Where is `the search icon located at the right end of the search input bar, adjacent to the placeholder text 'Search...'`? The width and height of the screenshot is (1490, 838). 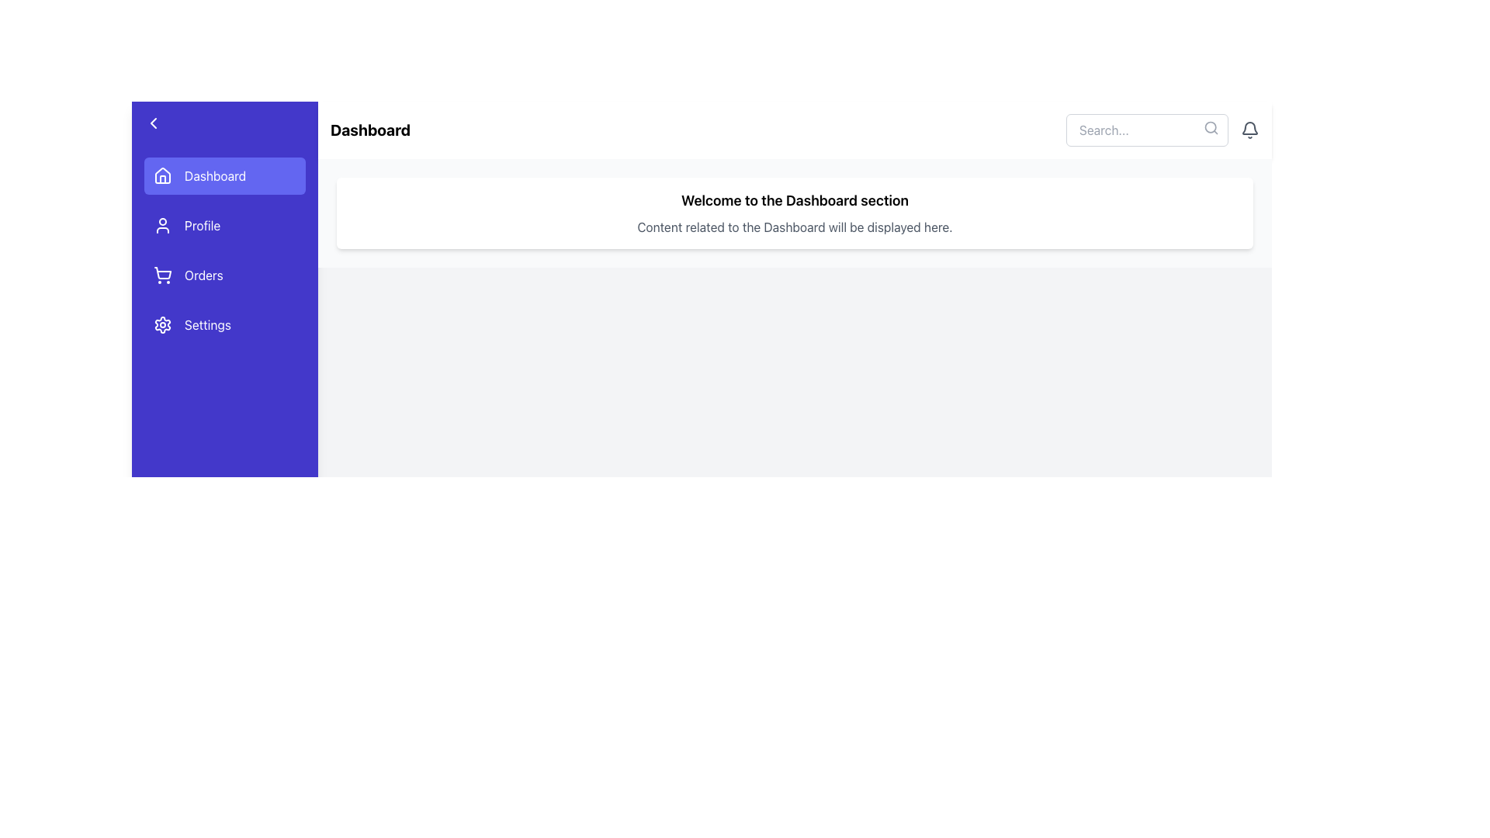
the search icon located at the right end of the search input bar, adjacent to the placeholder text 'Search...' is located at coordinates (1210, 127).